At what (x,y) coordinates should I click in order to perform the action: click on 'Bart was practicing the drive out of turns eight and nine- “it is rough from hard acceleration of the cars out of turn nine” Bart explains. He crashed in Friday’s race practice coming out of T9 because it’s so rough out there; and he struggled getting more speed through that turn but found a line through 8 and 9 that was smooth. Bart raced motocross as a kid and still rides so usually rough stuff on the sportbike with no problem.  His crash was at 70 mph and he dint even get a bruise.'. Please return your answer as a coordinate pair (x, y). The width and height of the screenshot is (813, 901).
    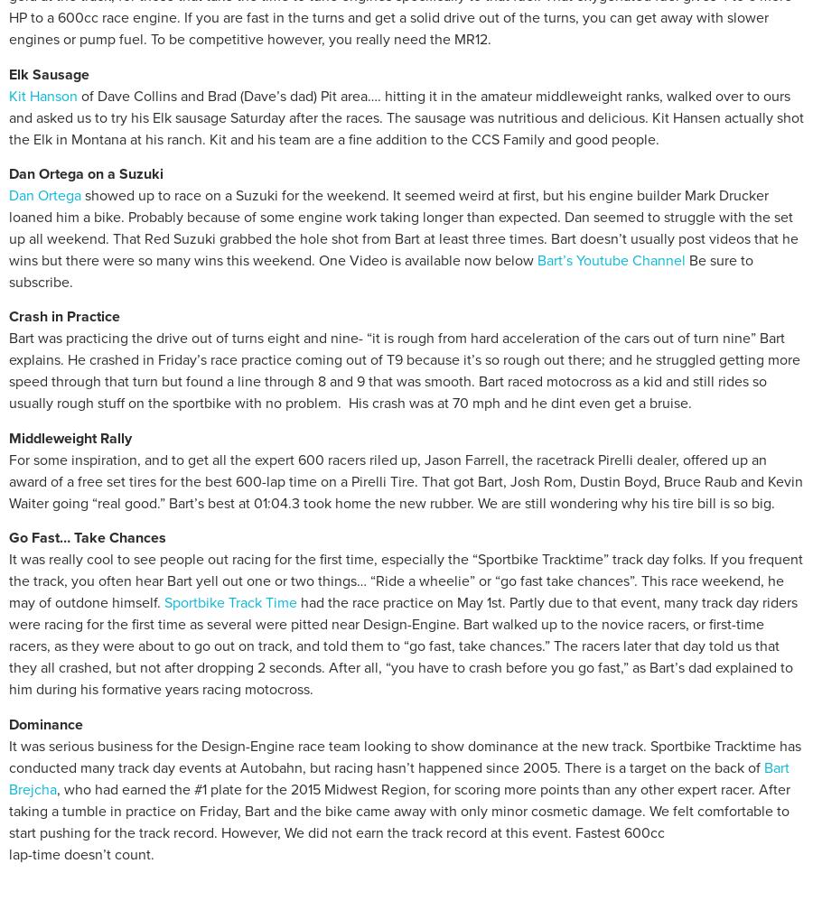
    Looking at the image, I should click on (405, 370).